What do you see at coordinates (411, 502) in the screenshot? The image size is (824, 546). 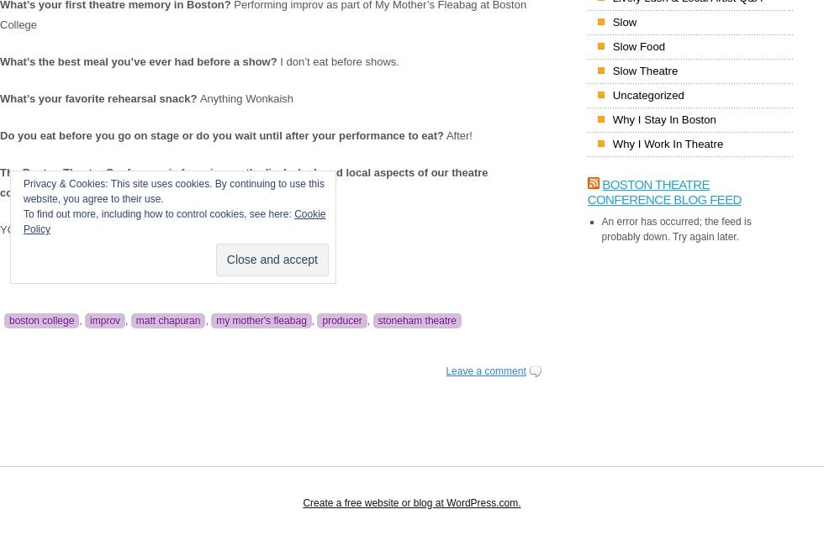 I see `'Create a free website or blog at WordPress.com.'` at bounding box center [411, 502].